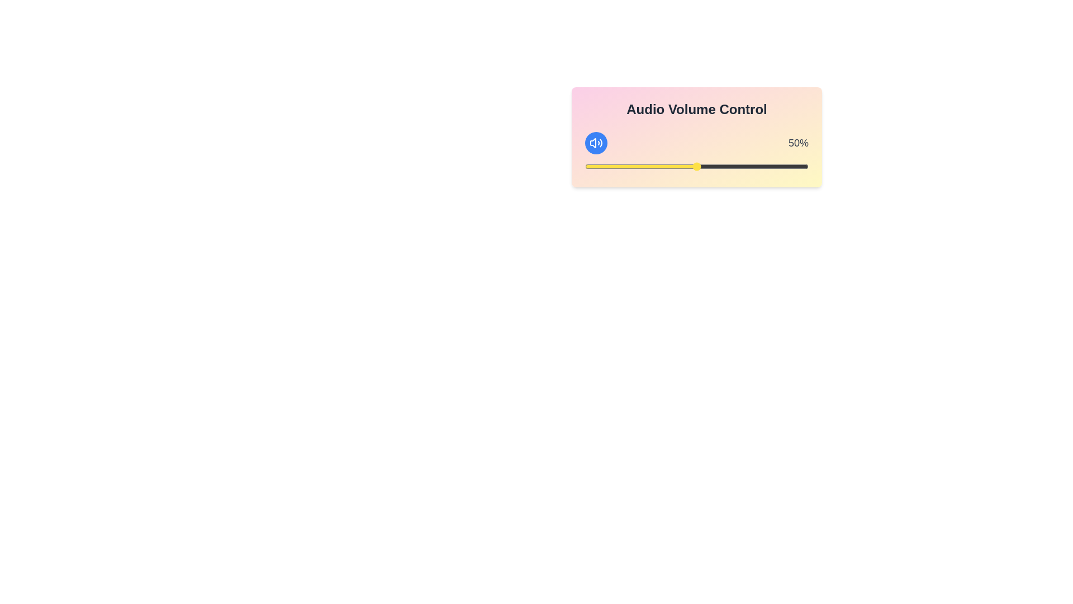 This screenshot has height=604, width=1073. What do you see at coordinates (595, 142) in the screenshot?
I see `the mute/unmute button to toggle the audio state` at bounding box center [595, 142].